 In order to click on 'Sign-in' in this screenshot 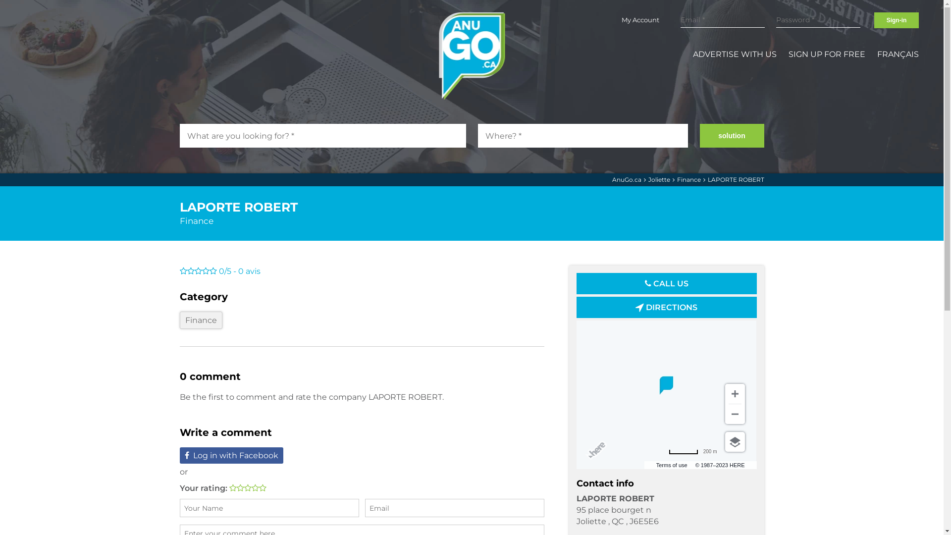, I will do `click(896, 20)`.